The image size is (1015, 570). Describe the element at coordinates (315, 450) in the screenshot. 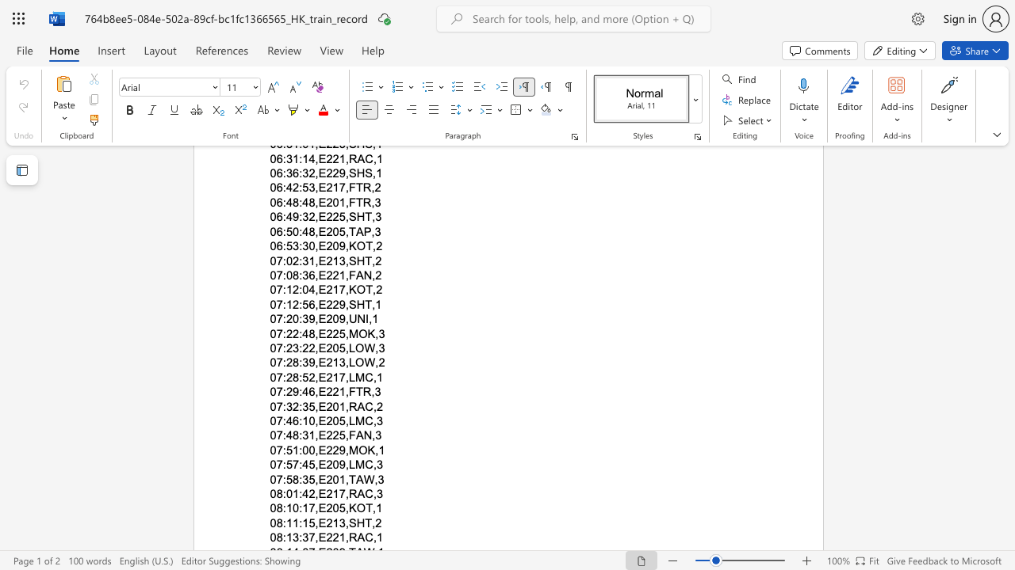

I see `the subset text ",E229," within the text "07:51:00,E229,MOK,1"` at that location.